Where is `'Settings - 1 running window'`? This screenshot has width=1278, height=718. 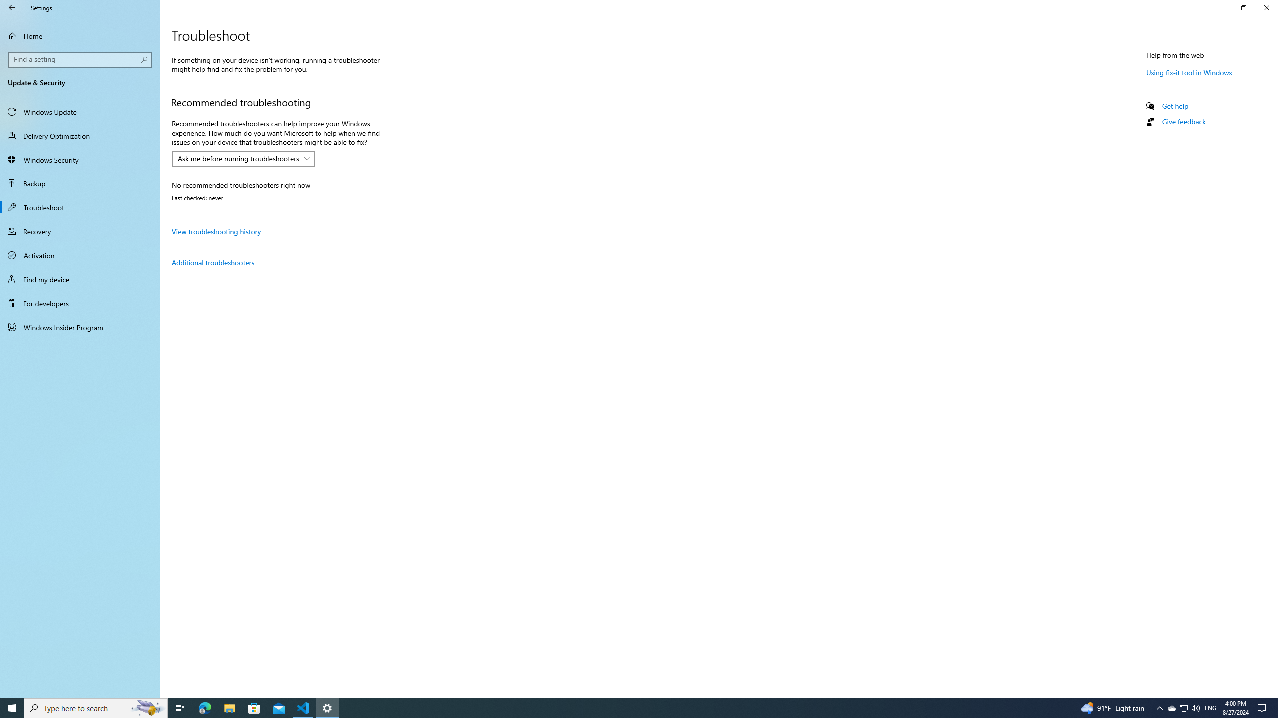
'Settings - 1 running window' is located at coordinates (327, 707).